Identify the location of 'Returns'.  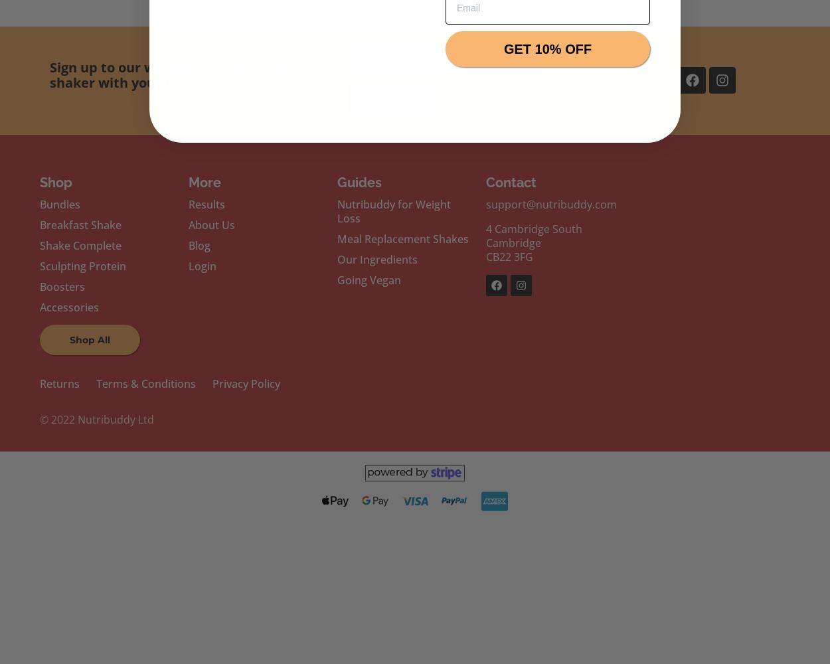
(58, 383).